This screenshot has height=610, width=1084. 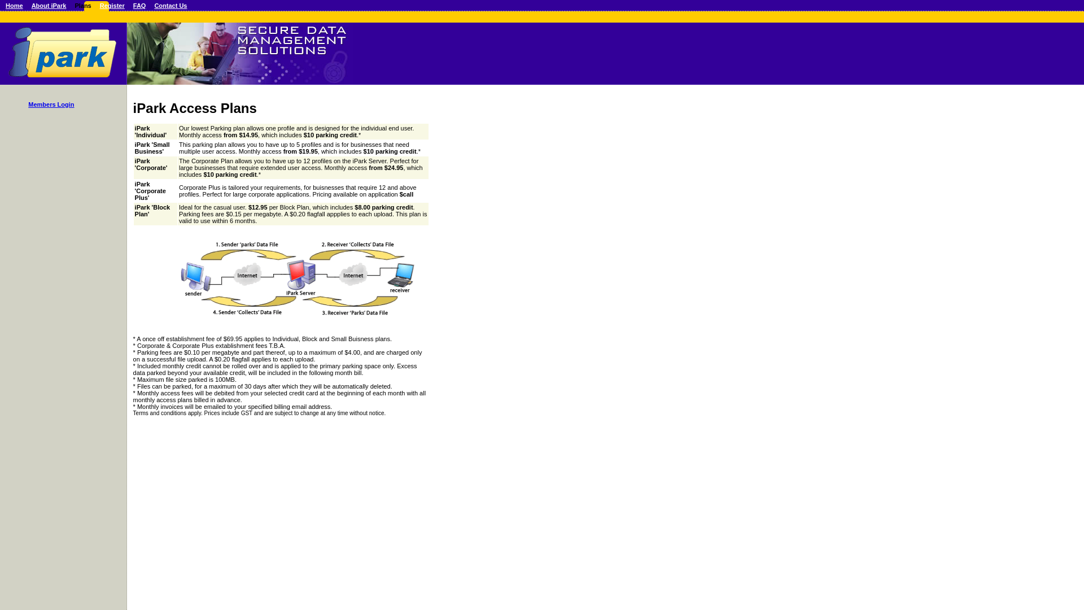 What do you see at coordinates (50, 104) in the screenshot?
I see `'Members Login'` at bounding box center [50, 104].